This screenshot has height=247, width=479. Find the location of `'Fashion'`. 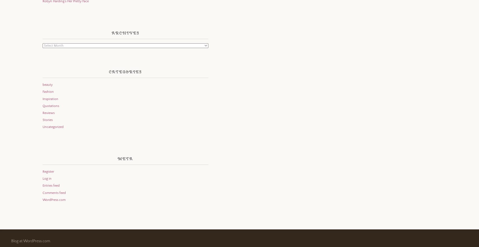

'Fashion' is located at coordinates (42, 92).